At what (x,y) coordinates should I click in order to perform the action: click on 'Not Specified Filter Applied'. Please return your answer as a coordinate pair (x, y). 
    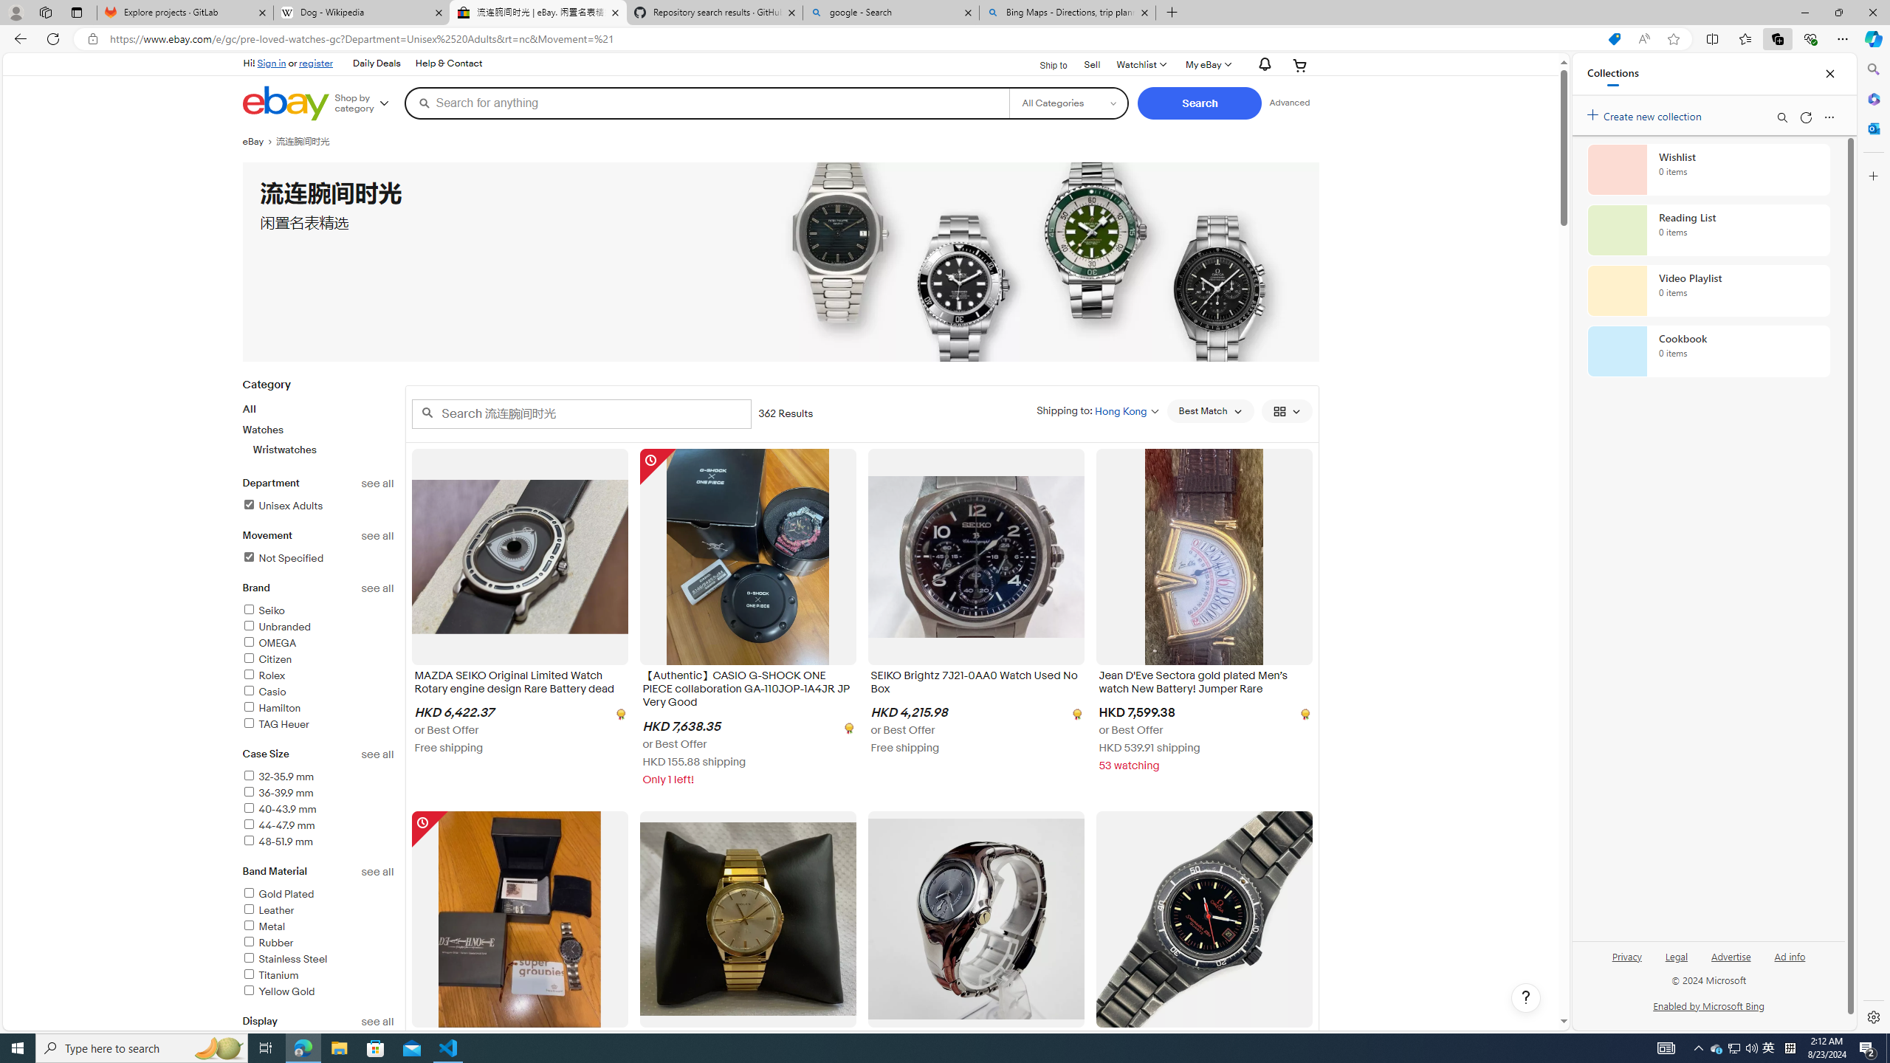
    Looking at the image, I should click on (282, 557).